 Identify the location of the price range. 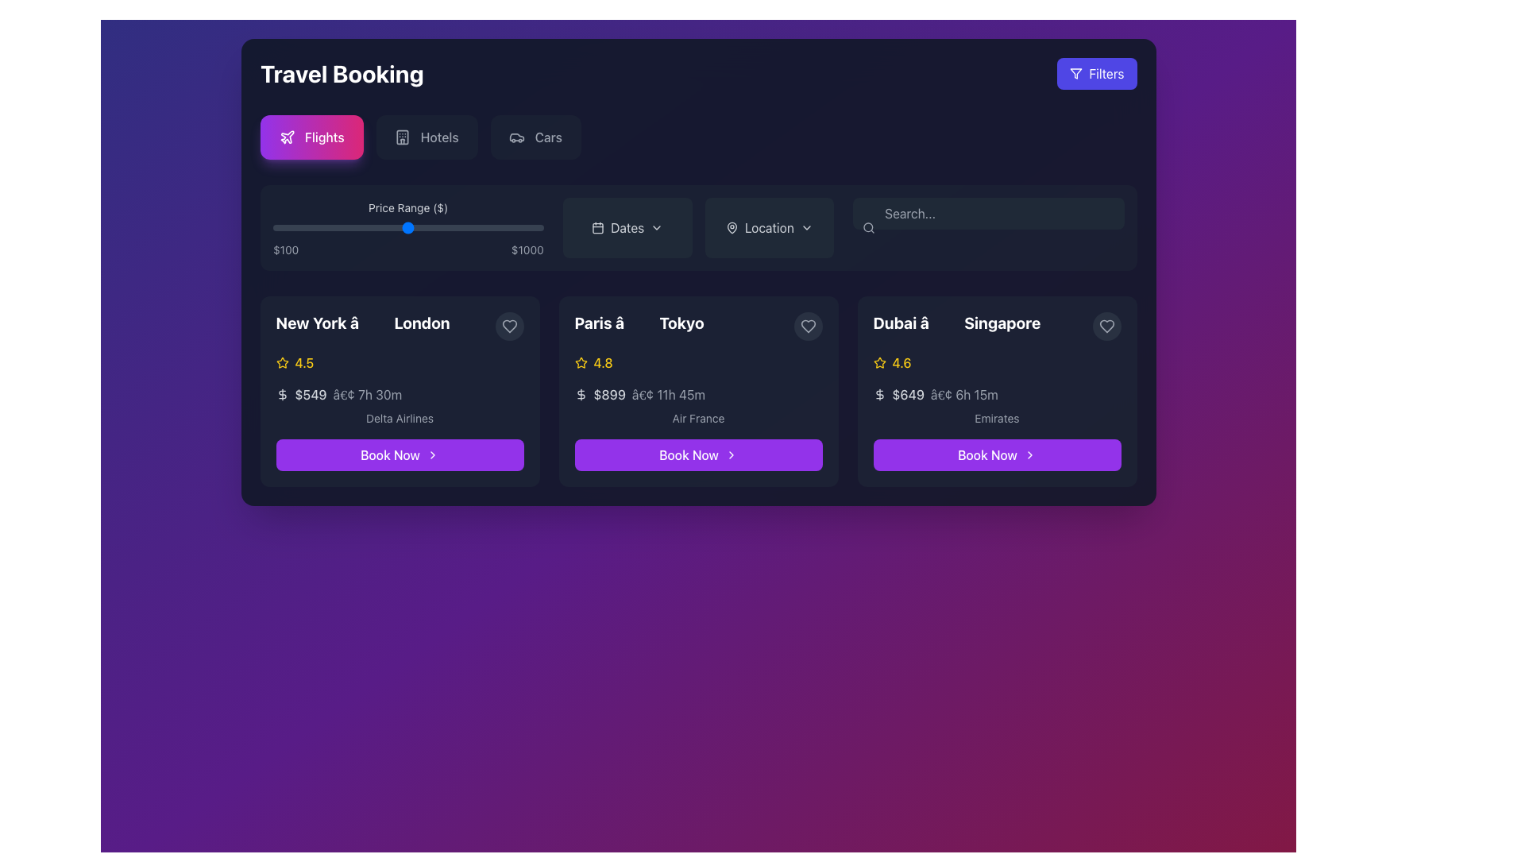
(519, 227).